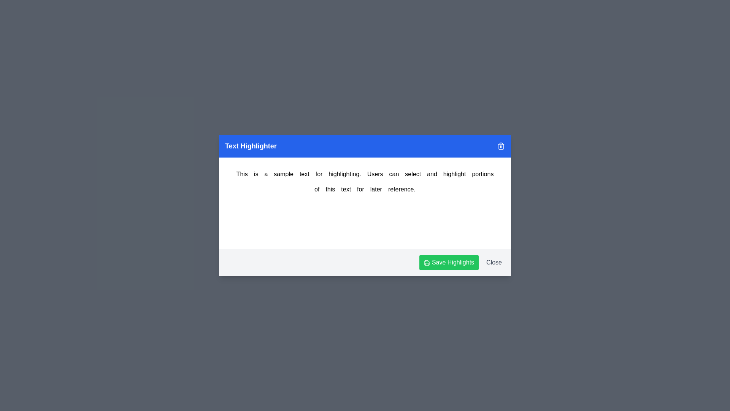 The height and width of the screenshot is (411, 730). What do you see at coordinates (482, 174) in the screenshot?
I see `the word 'portions' by clicking on it` at bounding box center [482, 174].